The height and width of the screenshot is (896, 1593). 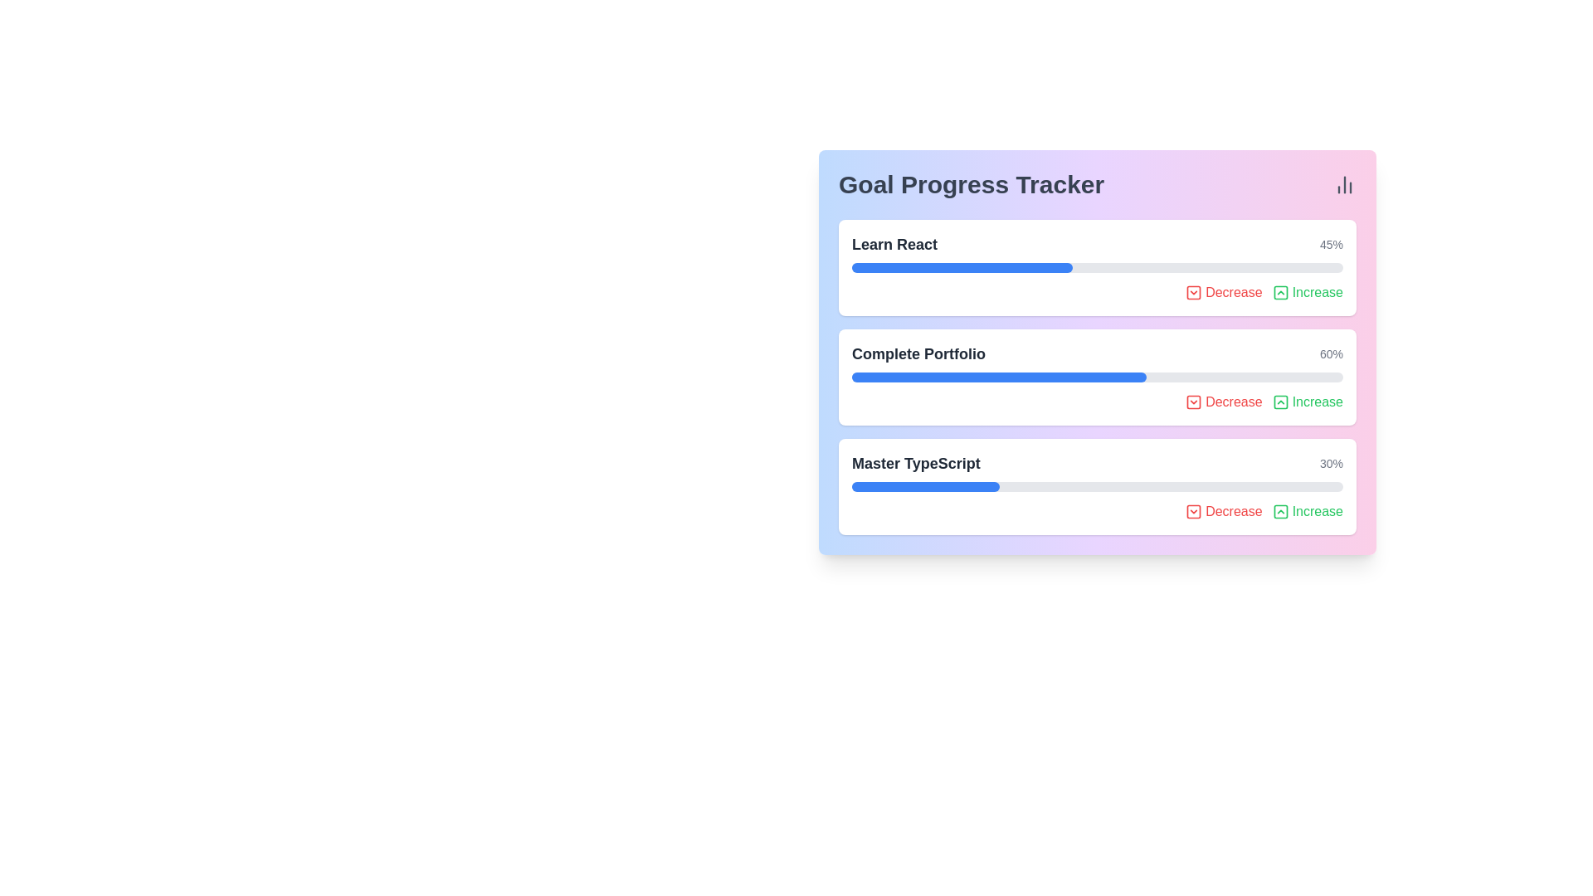 I want to click on the 'Goal Progress Tracker' text display element which is prominently displayed in a bold font against a gradient background, so click(x=972, y=185).